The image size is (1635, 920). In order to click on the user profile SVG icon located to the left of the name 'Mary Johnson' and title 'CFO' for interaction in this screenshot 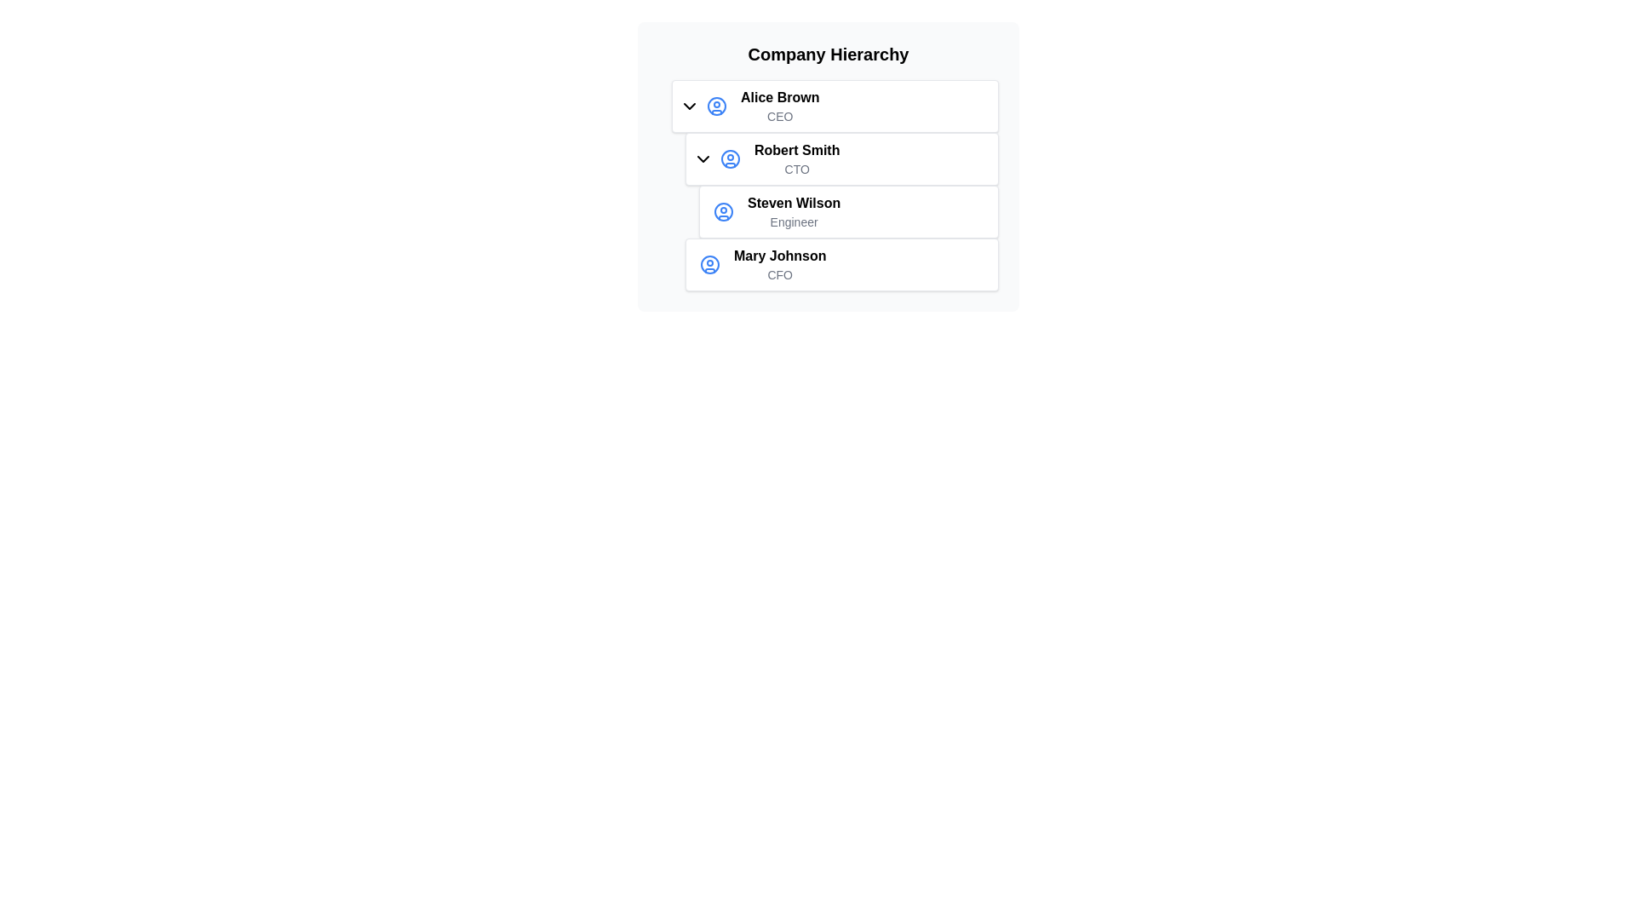, I will do `click(710, 265)`.